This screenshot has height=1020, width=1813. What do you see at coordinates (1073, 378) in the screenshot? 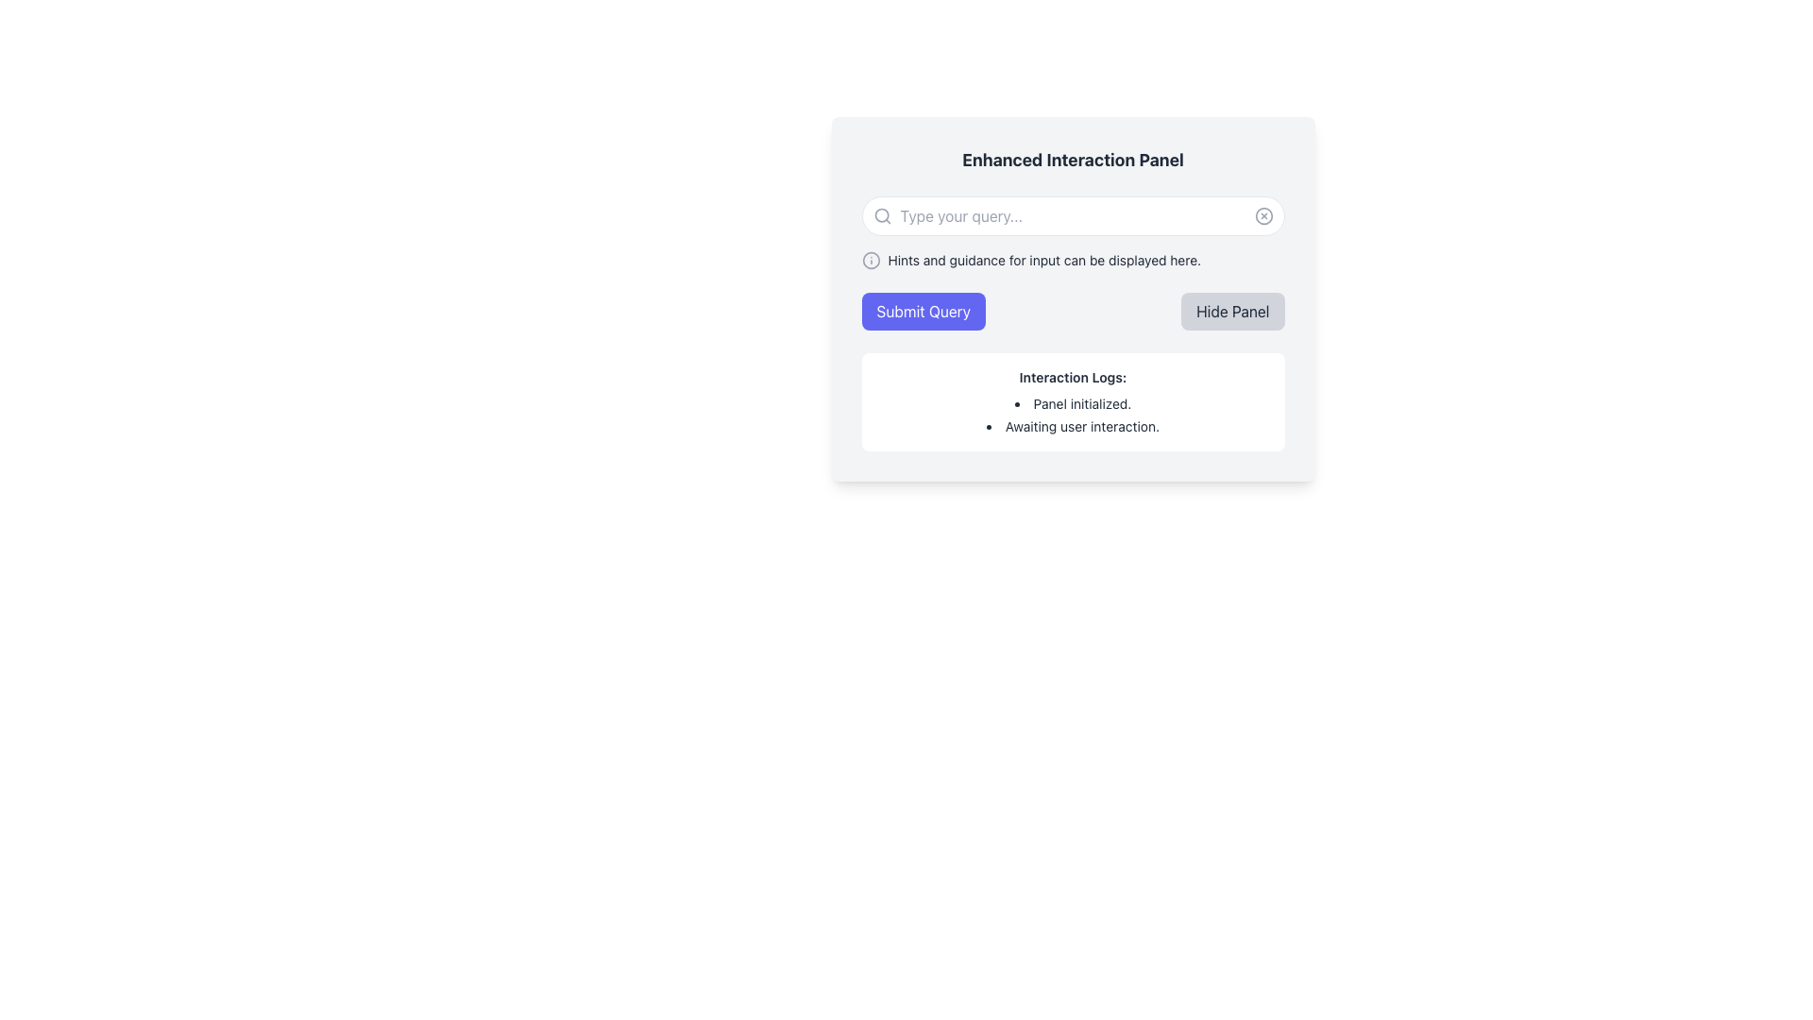
I see `text label that displays 'Interaction Logs:' which is bold and medium-sized, located inside a white panel near the bottom of the interface` at bounding box center [1073, 378].